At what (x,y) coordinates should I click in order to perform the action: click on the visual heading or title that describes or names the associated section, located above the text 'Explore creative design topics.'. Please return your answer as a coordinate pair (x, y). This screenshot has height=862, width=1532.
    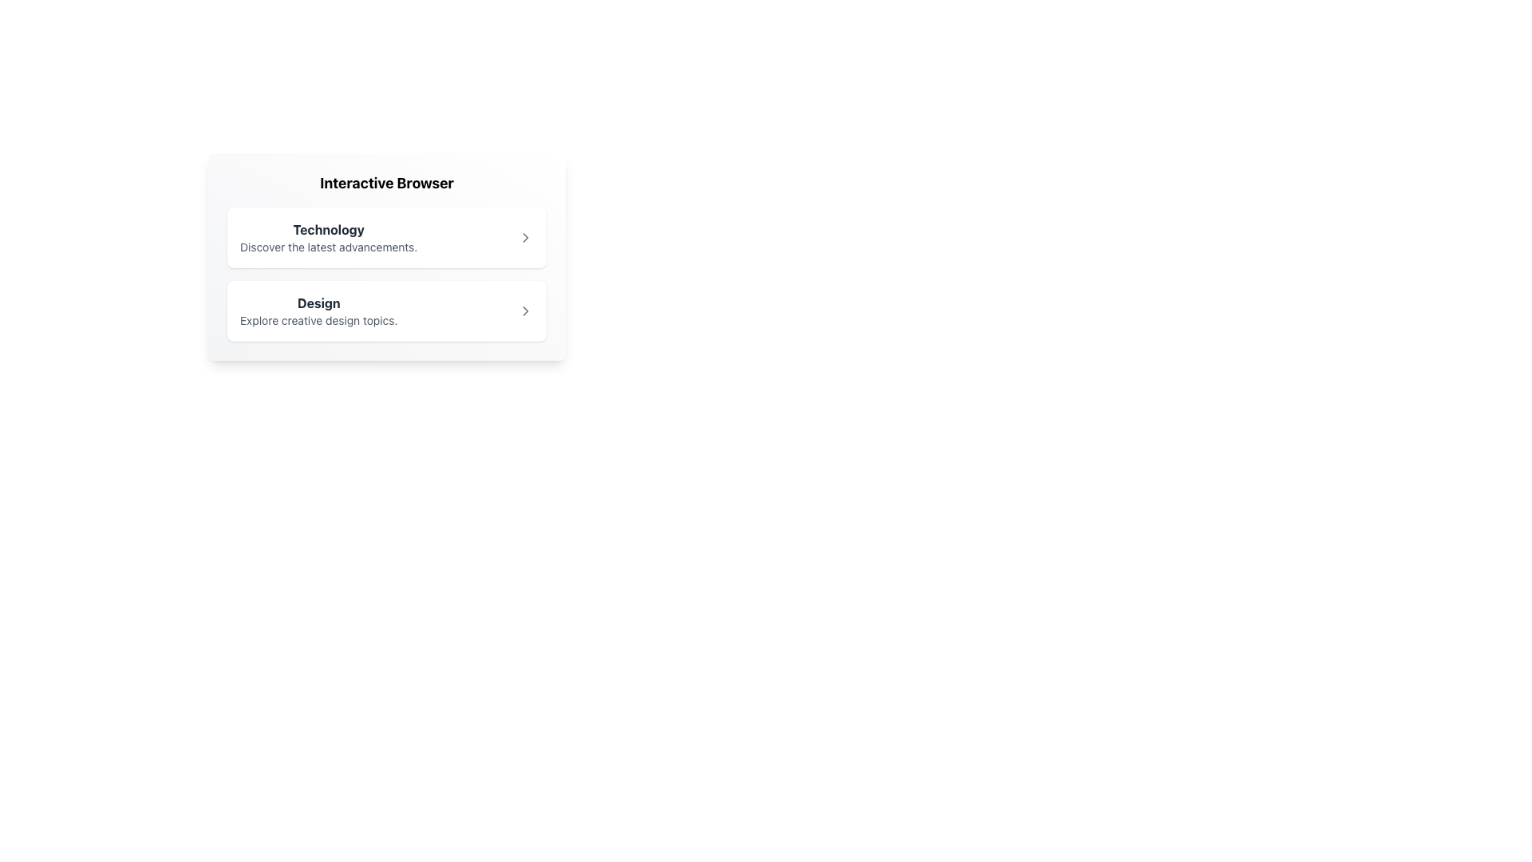
    Looking at the image, I should click on (318, 303).